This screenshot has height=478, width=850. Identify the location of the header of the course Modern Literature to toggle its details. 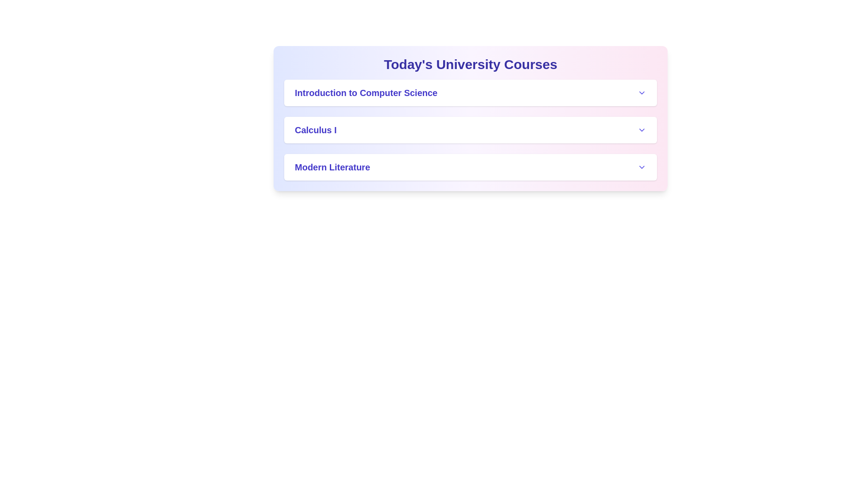
(470, 167).